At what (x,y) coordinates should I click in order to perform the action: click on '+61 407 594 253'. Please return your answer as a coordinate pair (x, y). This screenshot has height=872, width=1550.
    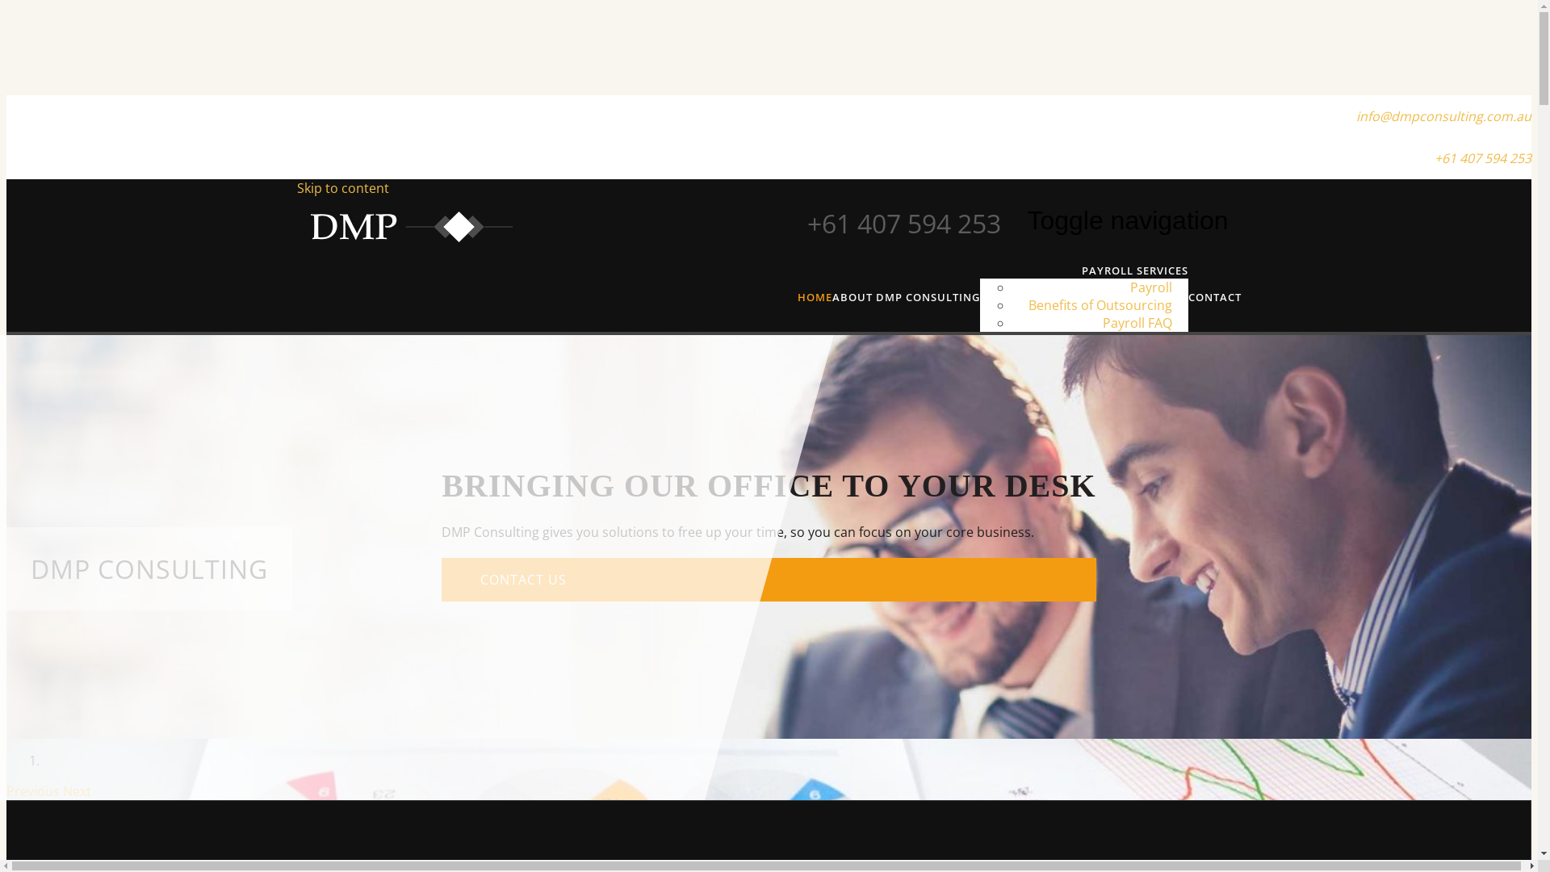
    Looking at the image, I should click on (1483, 158).